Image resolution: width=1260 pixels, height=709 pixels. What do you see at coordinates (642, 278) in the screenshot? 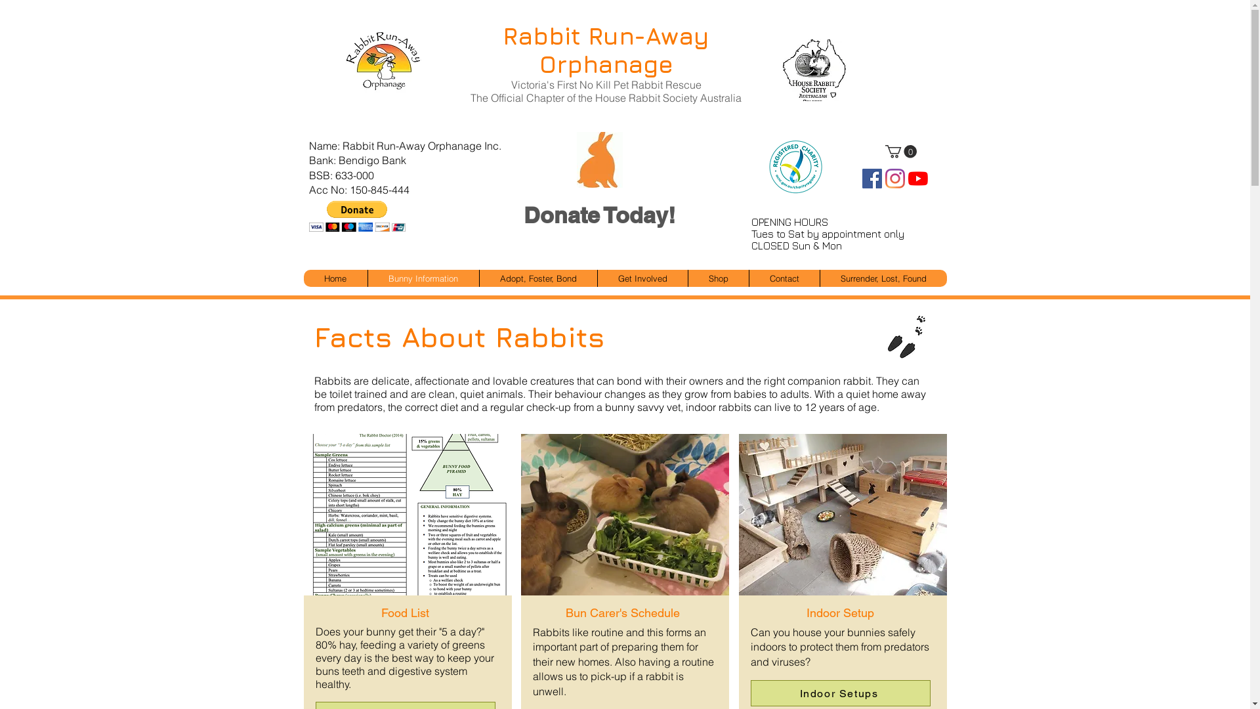
I see `'Get Involved'` at bounding box center [642, 278].